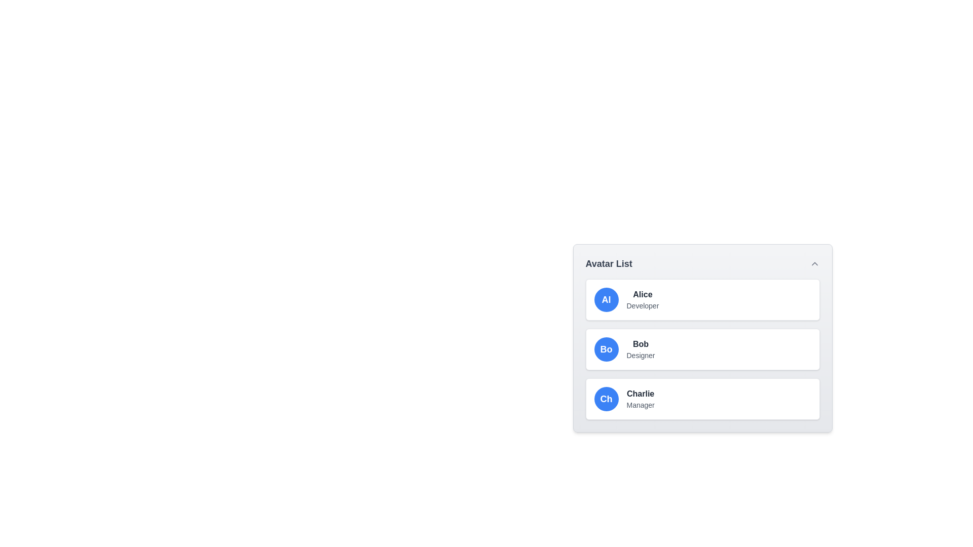  What do you see at coordinates (702, 367) in the screenshot?
I see `the list item labeled 'Bob' with the descriptor 'Designer', which is the second item in a vertically-stacked list` at bounding box center [702, 367].